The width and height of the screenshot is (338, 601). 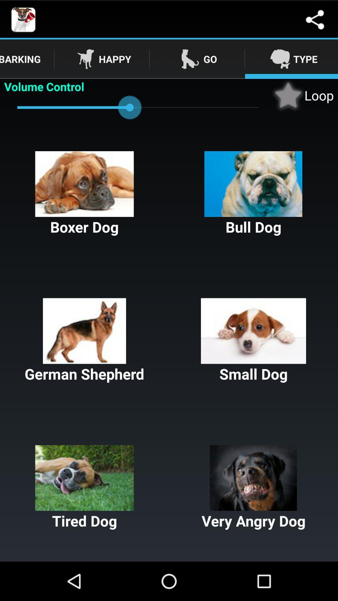 I want to click on the loop item, so click(x=302, y=95).